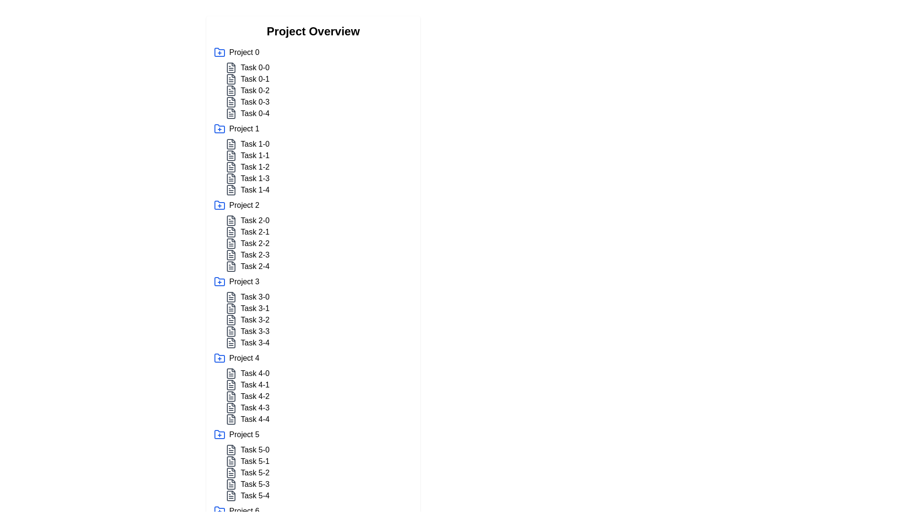 The width and height of the screenshot is (917, 516). What do you see at coordinates (231, 167) in the screenshot?
I see `the small gray document icon representing 'Task 1-2' located to the left of the task text in the hierarchical list under 'Project 1'` at bounding box center [231, 167].